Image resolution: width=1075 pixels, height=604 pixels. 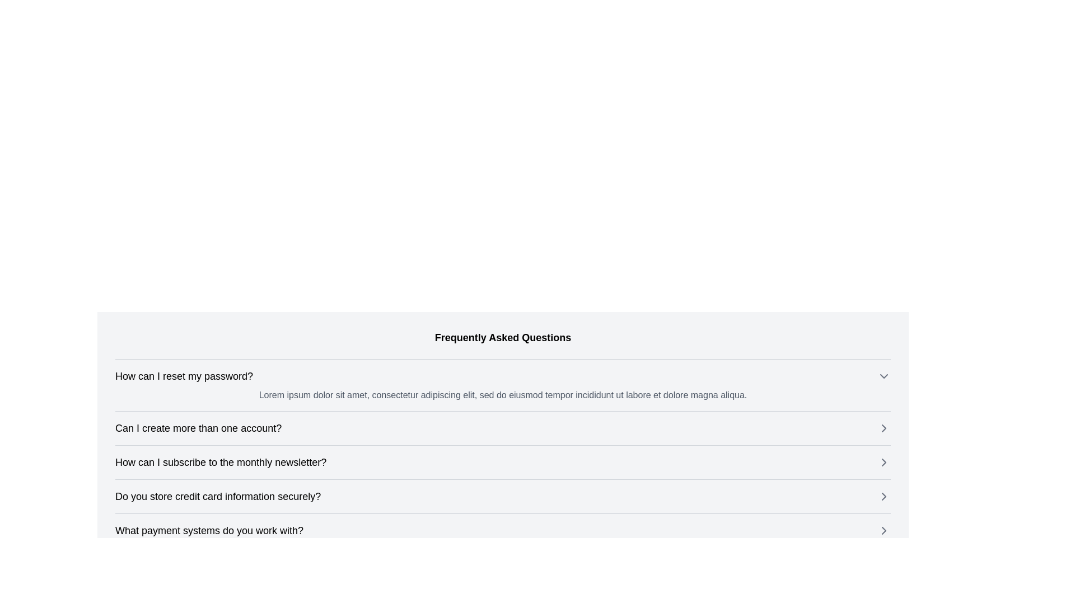 What do you see at coordinates (884, 428) in the screenshot?
I see `the right-pointing chevron icon, which is styled in gray and positioned at the far right of the list item labeled 'Can I create more than one account?'` at bounding box center [884, 428].